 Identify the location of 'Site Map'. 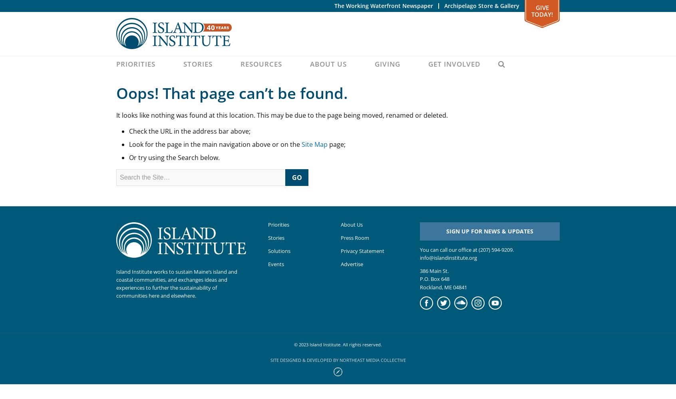
(314, 144).